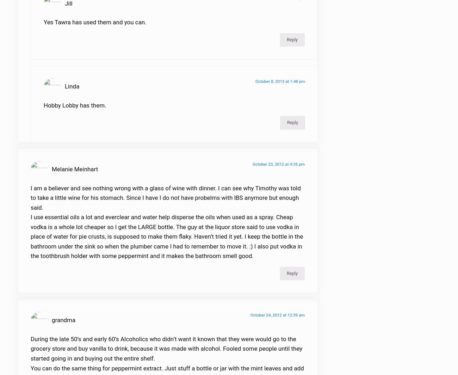 The width and height of the screenshot is (458, 375). Describe the element at coordinates (75, 110) in the screenshot. I see `'Hobby Lobby has them.'` at that location.